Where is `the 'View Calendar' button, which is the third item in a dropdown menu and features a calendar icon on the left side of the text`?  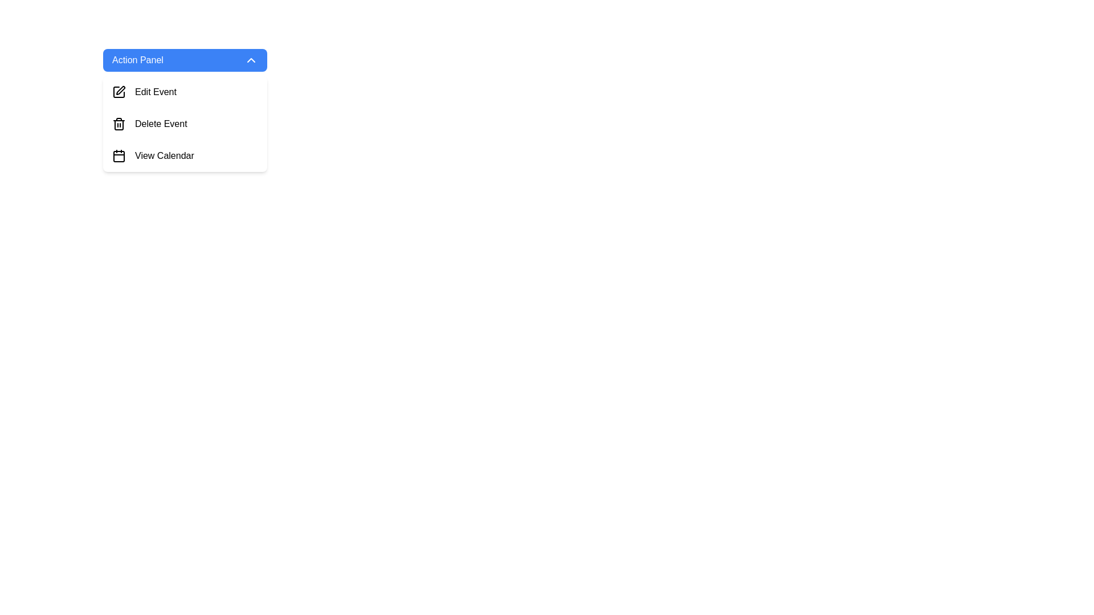
the 'View Calendar' button, which is the third item in a dropdown menu and features a calendar icon on the left side of the text is located at coordinates (185, 155).